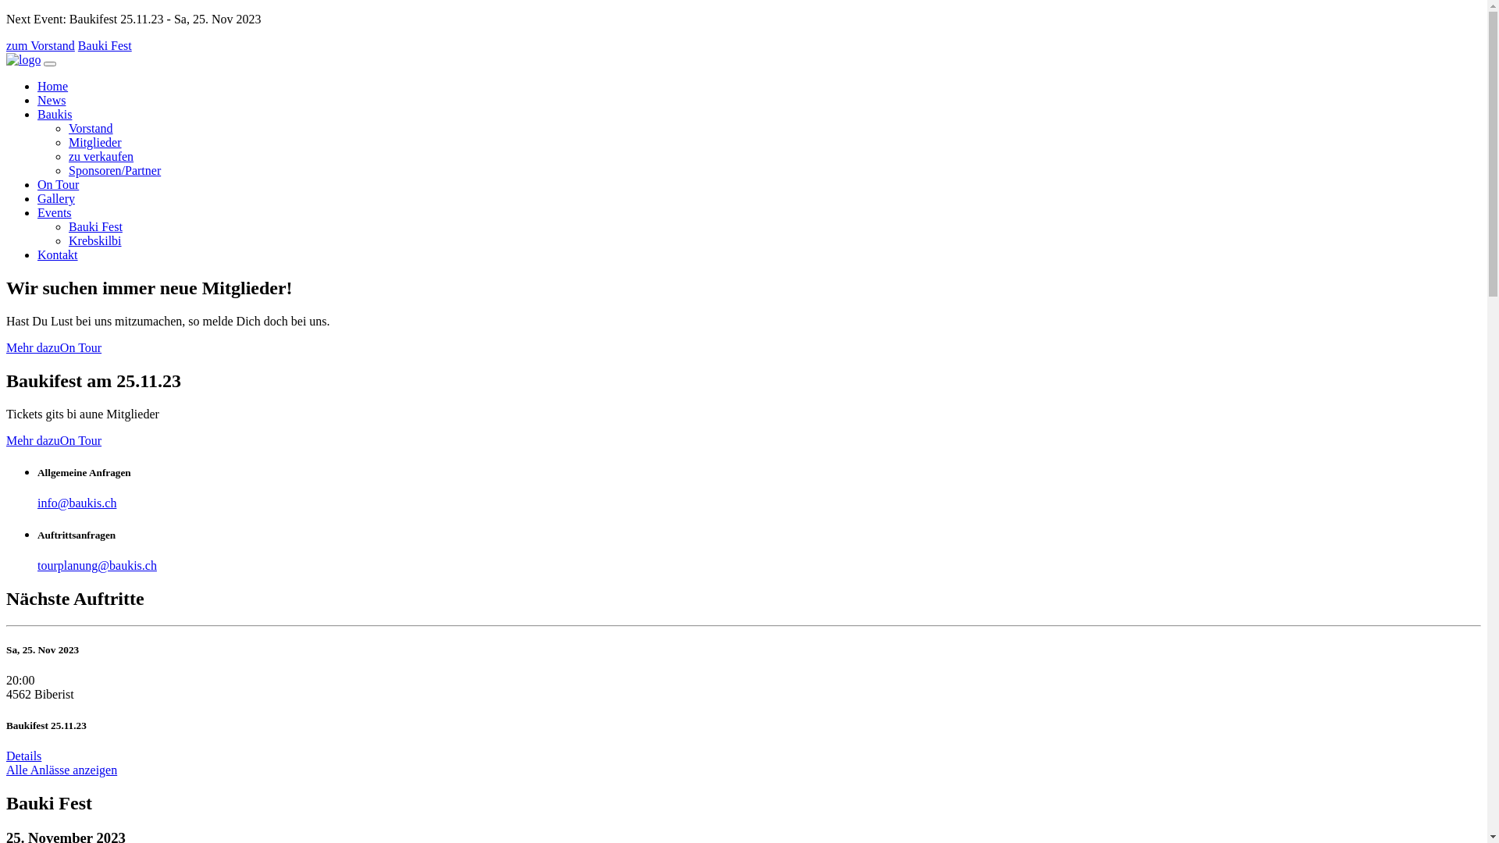 Image resolution: width=1499 pixels, height=843 pixels. Describe the element at coordinates (100, 156) in the screenshot. I see `'zu verkaufen'` at that location.